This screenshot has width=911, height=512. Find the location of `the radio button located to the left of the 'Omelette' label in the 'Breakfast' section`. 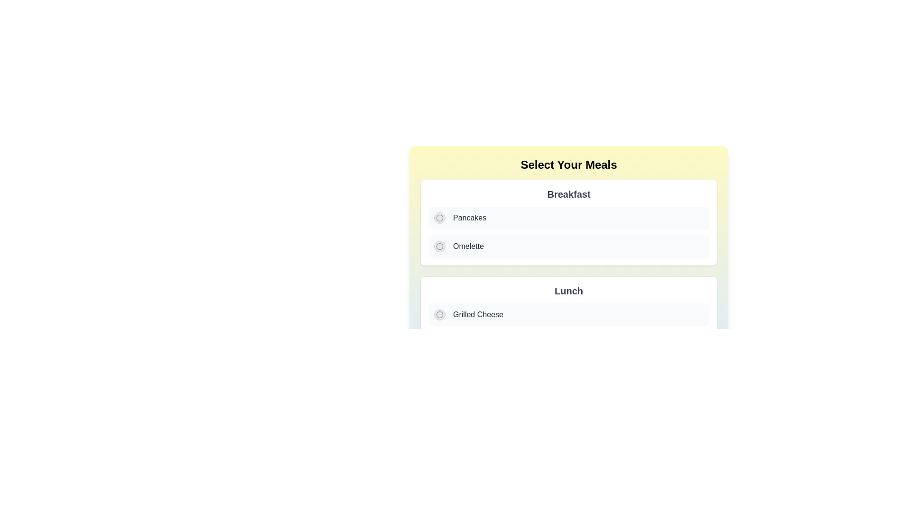

the radio button located to the left of the 'Omelette' label in the 'Breakfast' section is located at coordinates (439, 246).